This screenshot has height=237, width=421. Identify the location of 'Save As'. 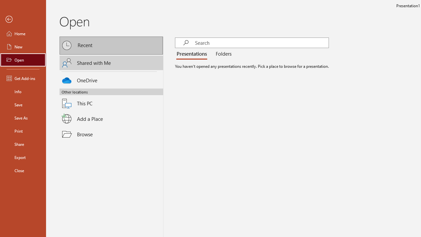
(23, 117).